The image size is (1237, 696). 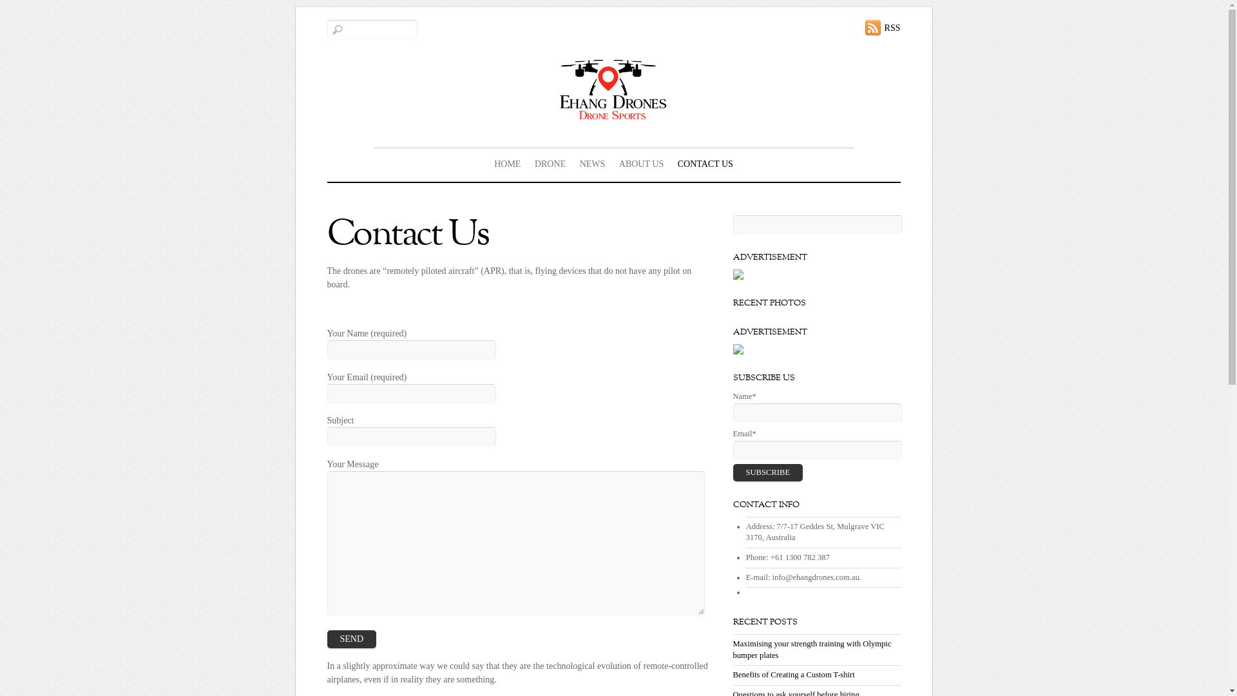 What do you see at coordinates (768, 472) in the screenshot?
I see `'Subscribe'` at bounding box center [768, 472].